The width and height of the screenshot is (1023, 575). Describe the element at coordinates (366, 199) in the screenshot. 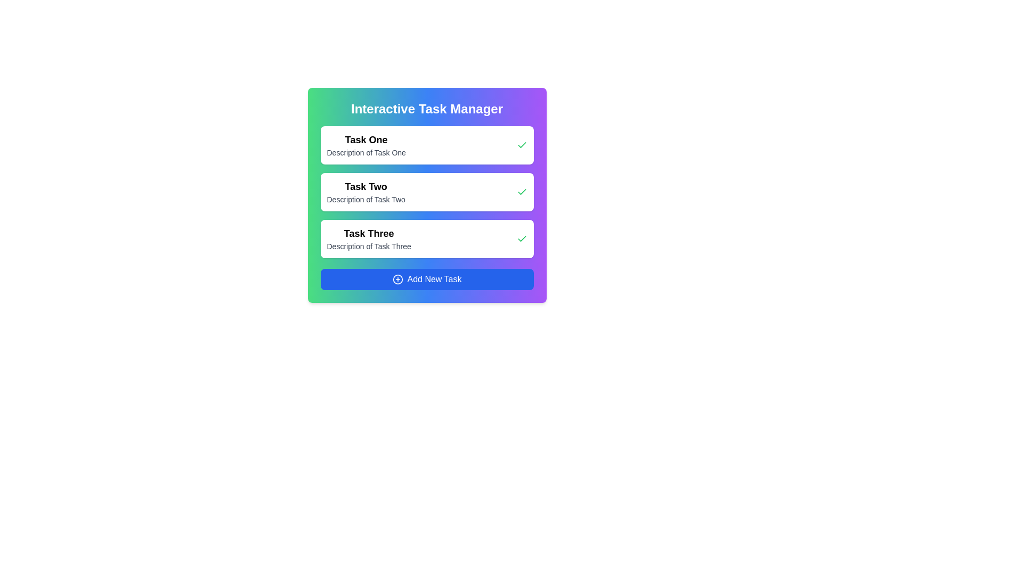

I see `the static text label providing additional information for 'Task Two', located directly below the 'Task Two' text within the second task card` at that location.